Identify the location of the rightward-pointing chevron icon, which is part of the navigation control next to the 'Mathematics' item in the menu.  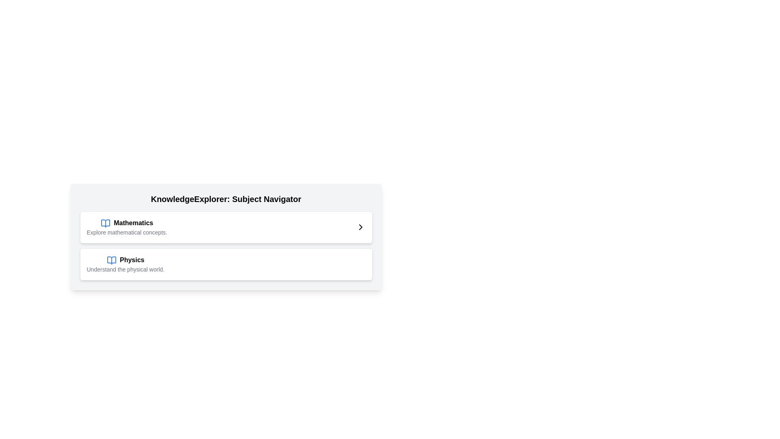
(360, 227).